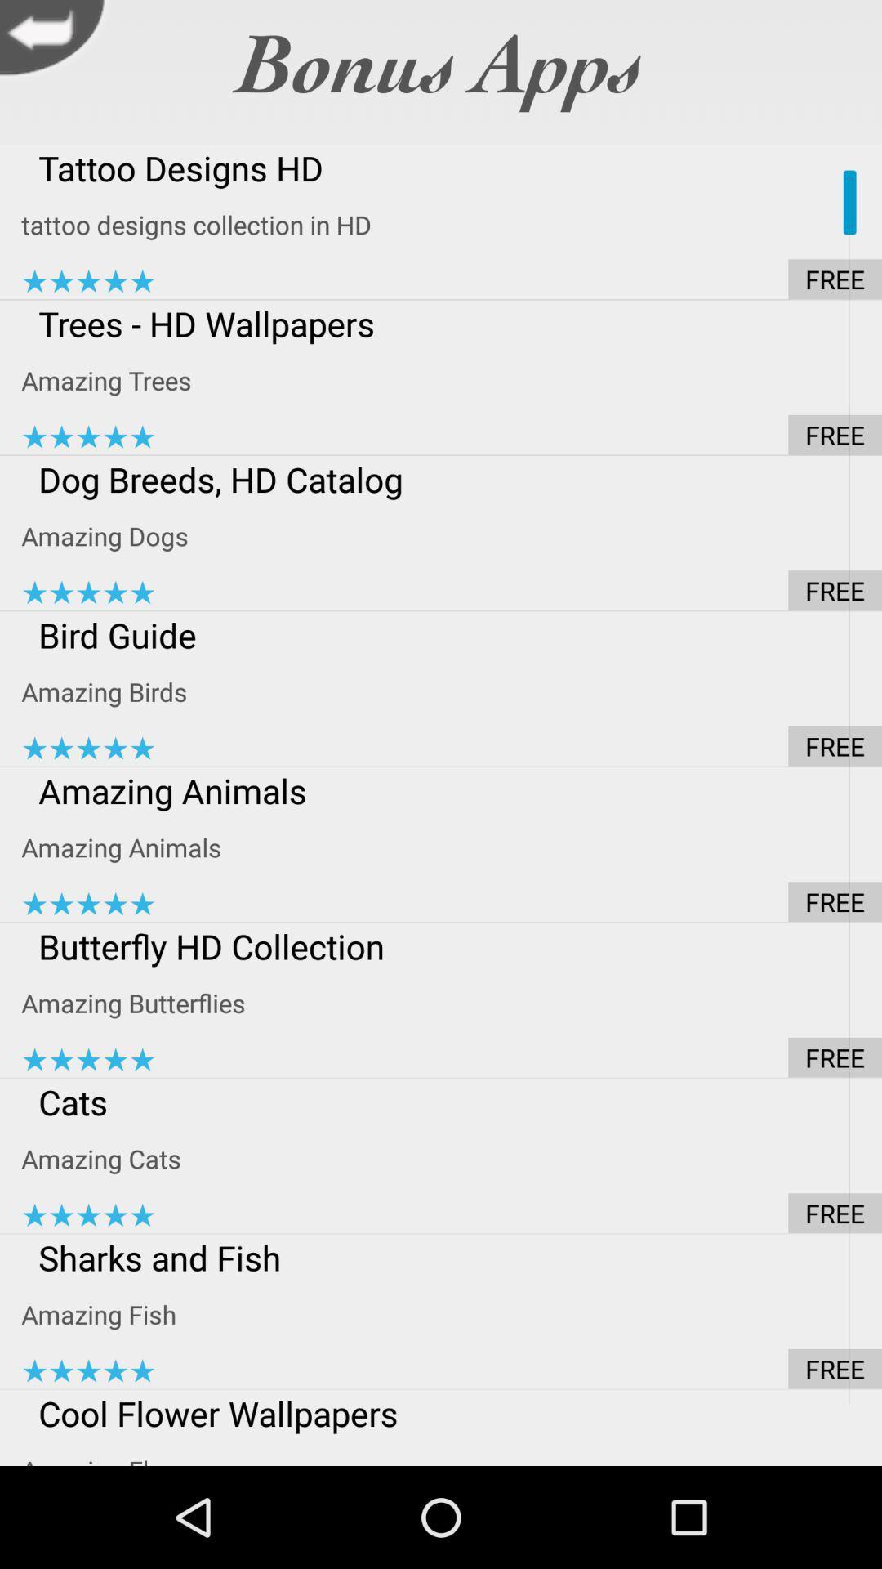  I want to click on app above   sharks and fish  app, so click(452, 1213).